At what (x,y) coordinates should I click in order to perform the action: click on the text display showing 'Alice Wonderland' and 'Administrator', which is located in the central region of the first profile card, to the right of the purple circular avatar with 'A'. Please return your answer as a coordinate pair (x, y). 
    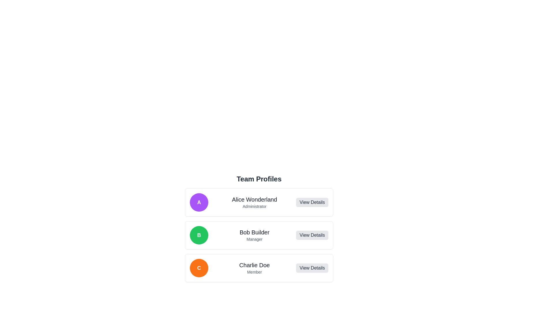
    Looking at the image, I should click on (254, 202).